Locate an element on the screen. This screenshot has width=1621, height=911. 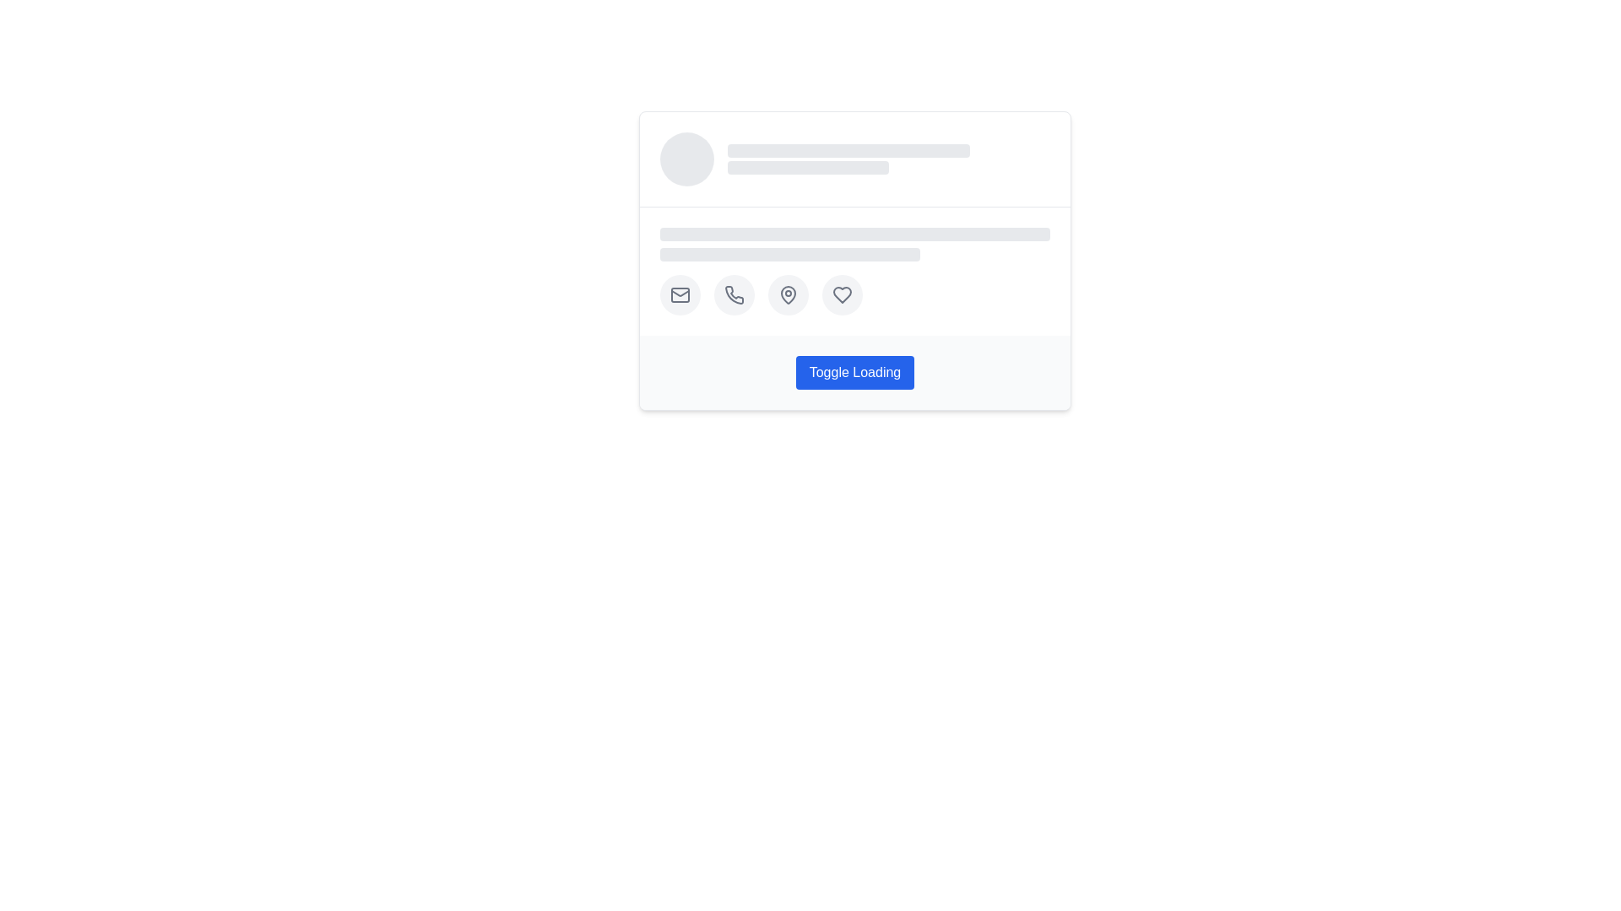
the map-related icon, which is the second from the left in a horizontal group below the main content area of the card is located at coordinates (788, 293).